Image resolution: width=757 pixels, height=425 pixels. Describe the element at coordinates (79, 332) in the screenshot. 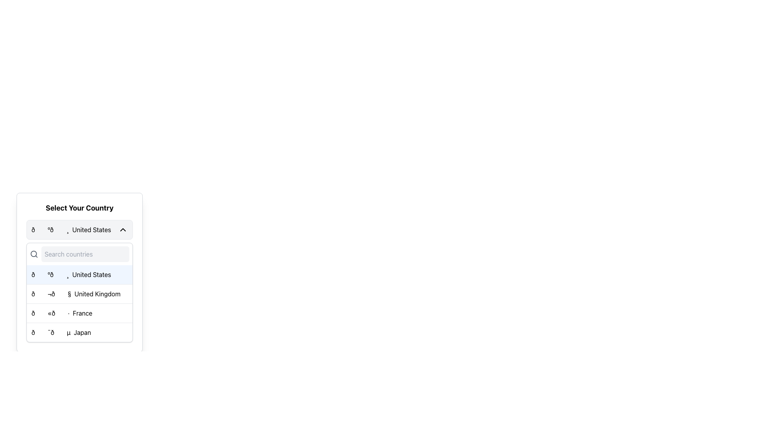

I see `the last item in the dropdown menu representing the country 'Japan'` at that location.